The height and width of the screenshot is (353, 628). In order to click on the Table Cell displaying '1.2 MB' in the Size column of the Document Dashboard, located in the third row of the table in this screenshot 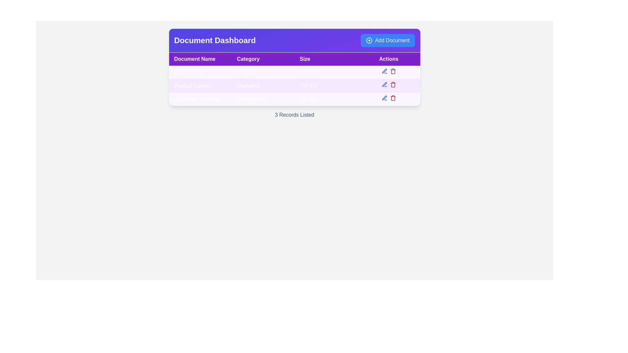, I will do `click(326, 99)`.